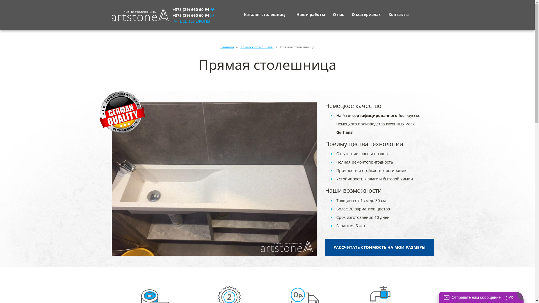 The image size is (539, 303). What do you see at coordinates (193, 9) in the screenshot?
I see `'+375 (29) 660 60 94'` at bounding box center [193, 9].